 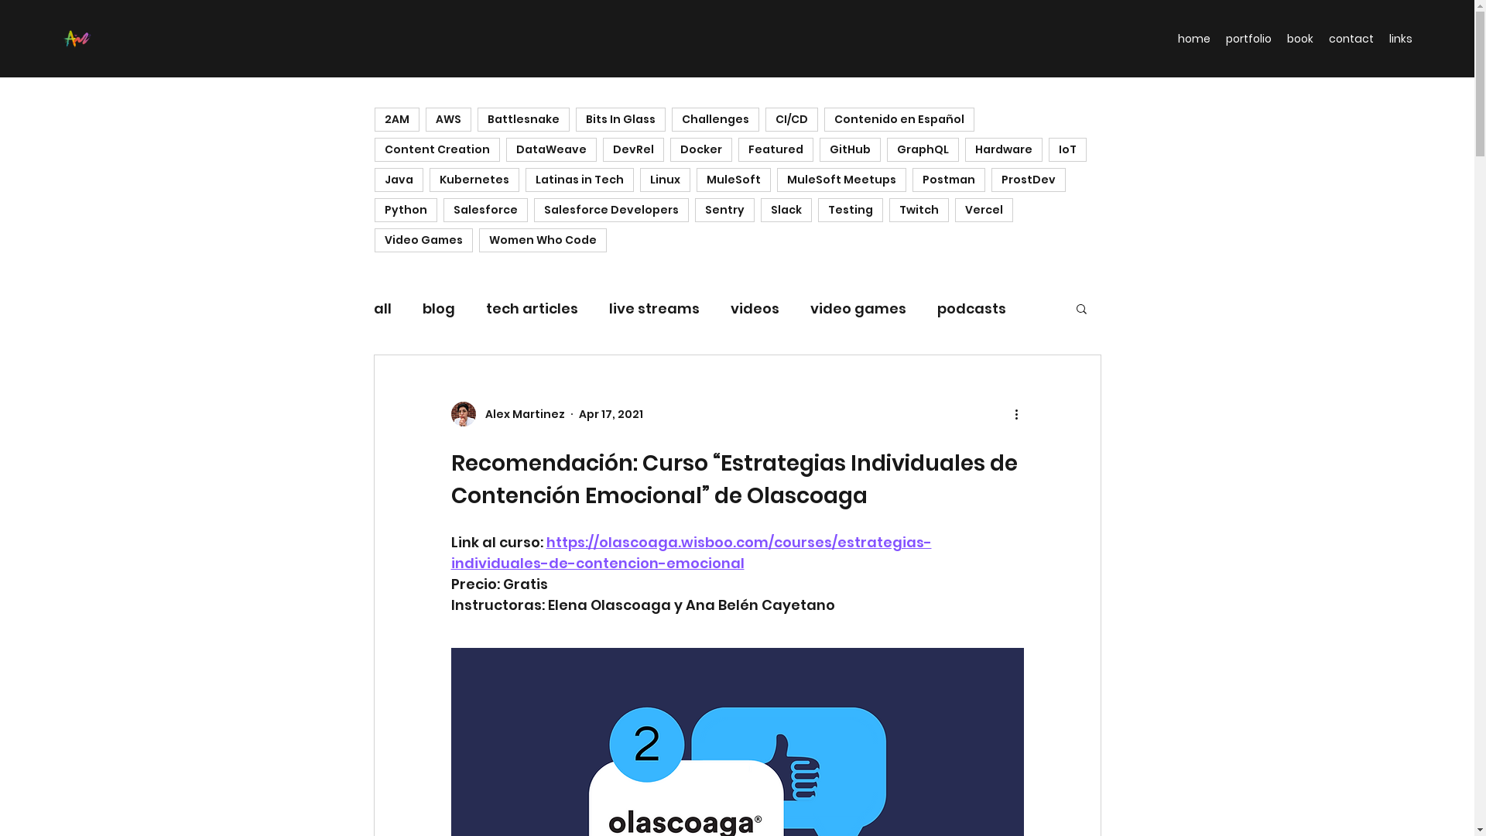 I want to click on 'contact', so click(x=1351, y=38).